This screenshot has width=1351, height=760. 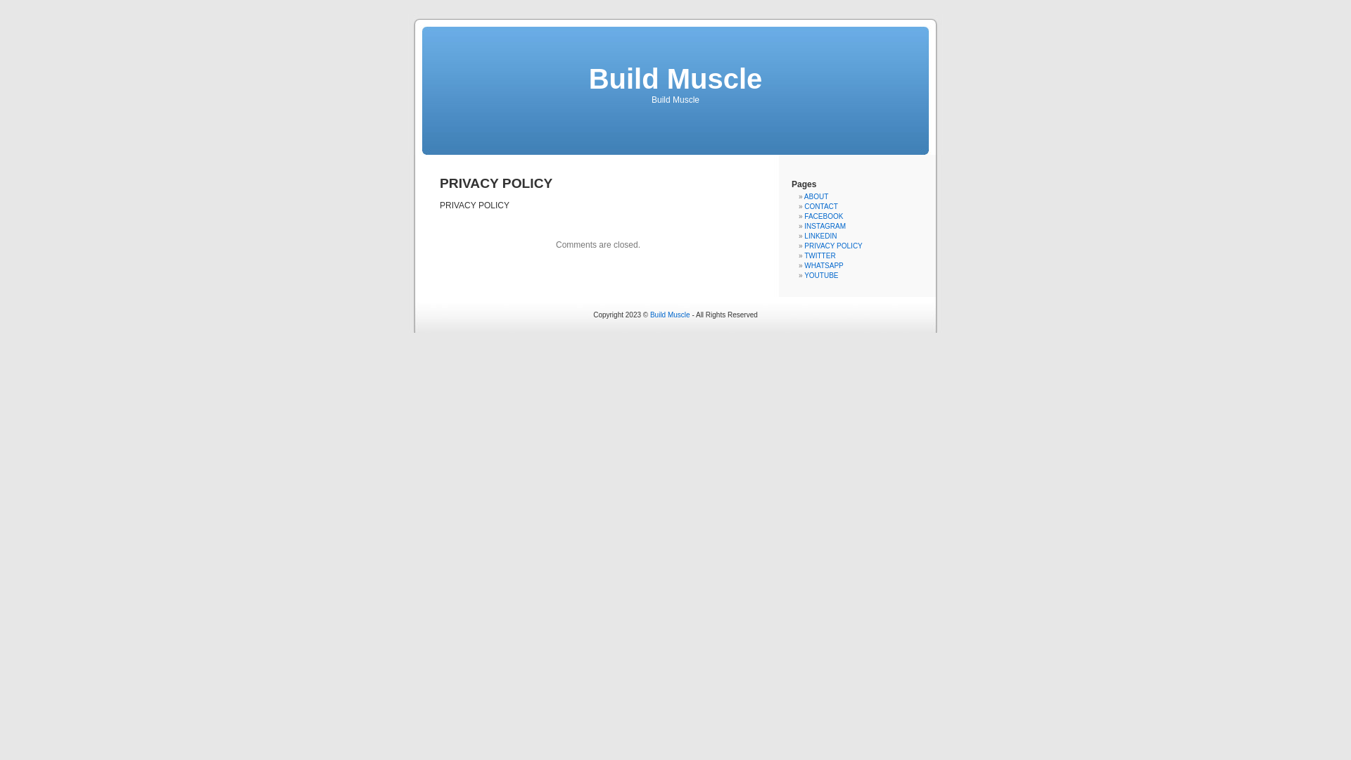 I want to click on 'Build Muscle', so click(x=669, y=314).